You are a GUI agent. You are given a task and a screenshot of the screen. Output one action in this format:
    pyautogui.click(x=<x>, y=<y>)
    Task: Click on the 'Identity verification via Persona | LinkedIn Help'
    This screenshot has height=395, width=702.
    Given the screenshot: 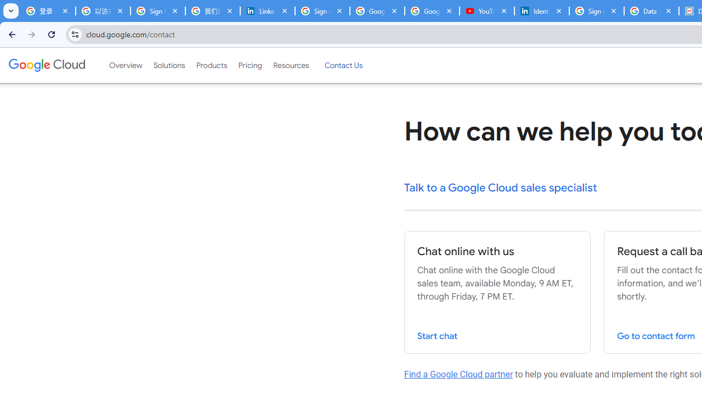 What is the action you would take?
    pyautogui.click(x=542, y=11)
    